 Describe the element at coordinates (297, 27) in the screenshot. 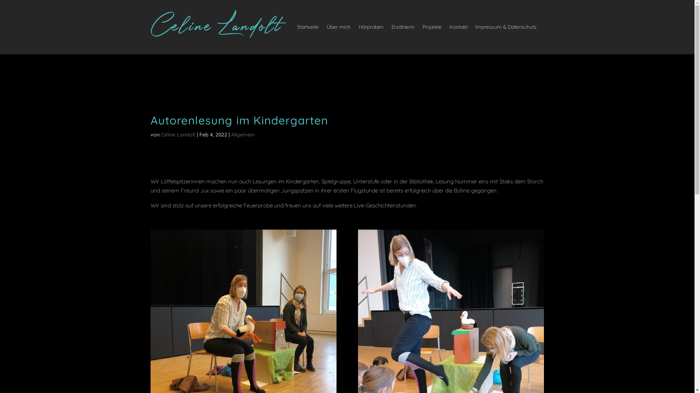

I see `'Startseite'` at that location.